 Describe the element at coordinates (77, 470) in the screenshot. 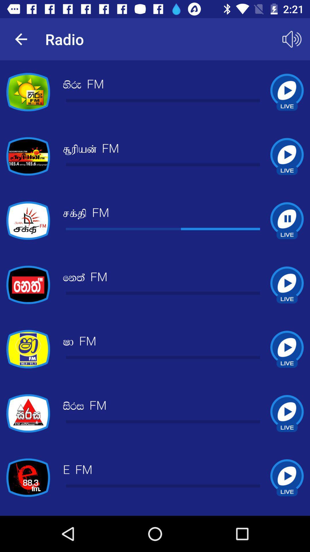

I see `the e fm` at that location.